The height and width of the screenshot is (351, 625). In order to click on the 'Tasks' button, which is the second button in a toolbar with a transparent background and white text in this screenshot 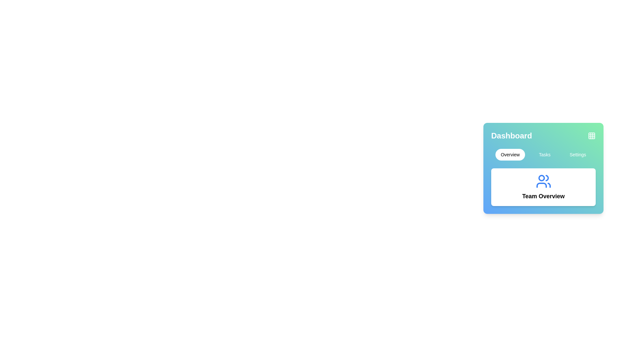, I will do `click(545, 154)`.